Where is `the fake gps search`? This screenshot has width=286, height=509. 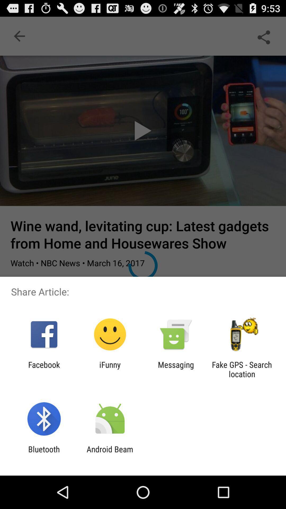
the fake gps search is located at coordinates (242, 369).